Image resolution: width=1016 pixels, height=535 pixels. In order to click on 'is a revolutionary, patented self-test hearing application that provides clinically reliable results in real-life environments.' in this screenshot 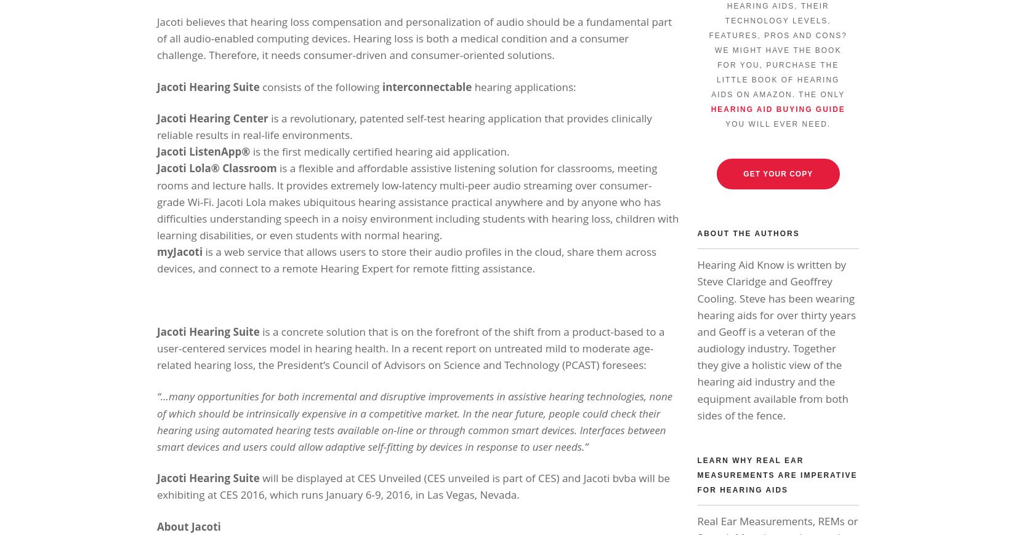, I will do `click(403, 125)`.